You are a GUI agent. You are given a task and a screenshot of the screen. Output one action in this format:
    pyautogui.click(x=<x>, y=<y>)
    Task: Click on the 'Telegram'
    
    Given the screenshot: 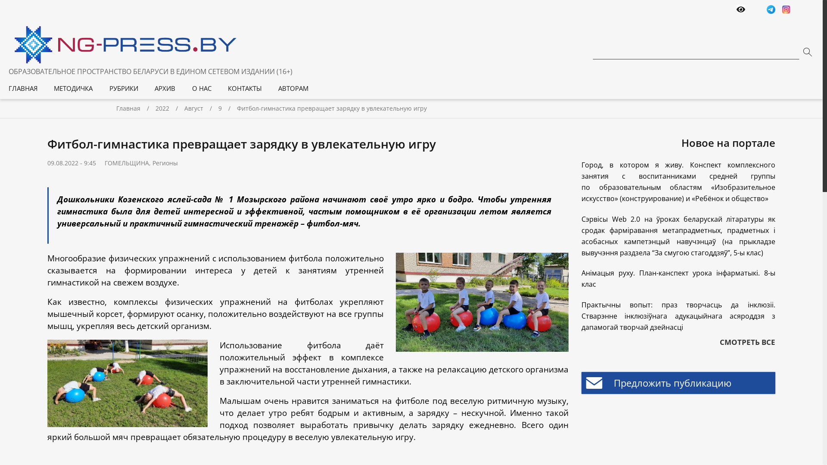 What is the action you would take?
    pyautogui.click(x=767, y=10)
    